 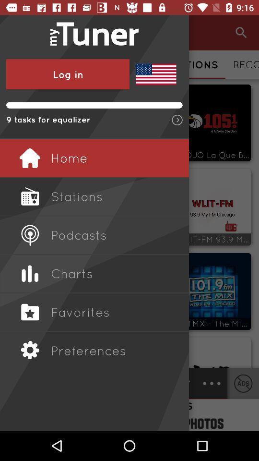 What do you see at coordinates (212, 383) in the screenshot?
I see `the more icon` at bounding box center [212, 383].